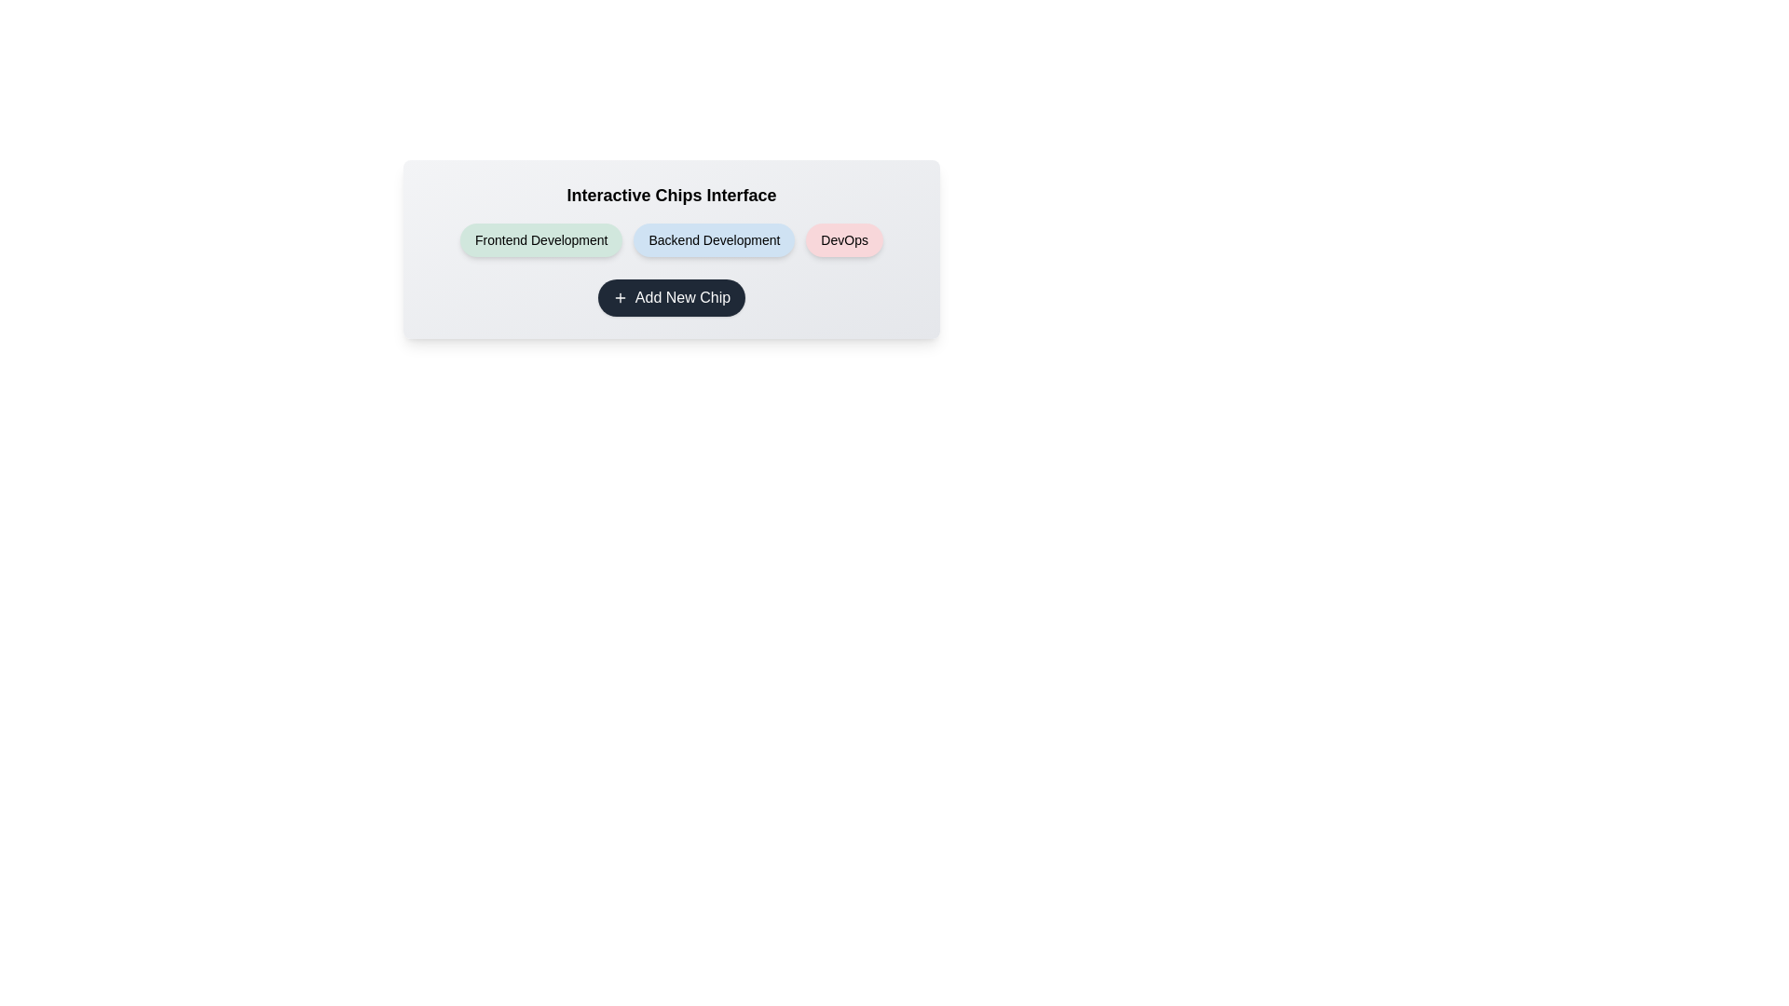 This screenshot has height=1006, width=1789. Describe the element at coordinates (671, 297) in the screenshot. I see `the 'Add New Chip' button to add a new chip` at that location.